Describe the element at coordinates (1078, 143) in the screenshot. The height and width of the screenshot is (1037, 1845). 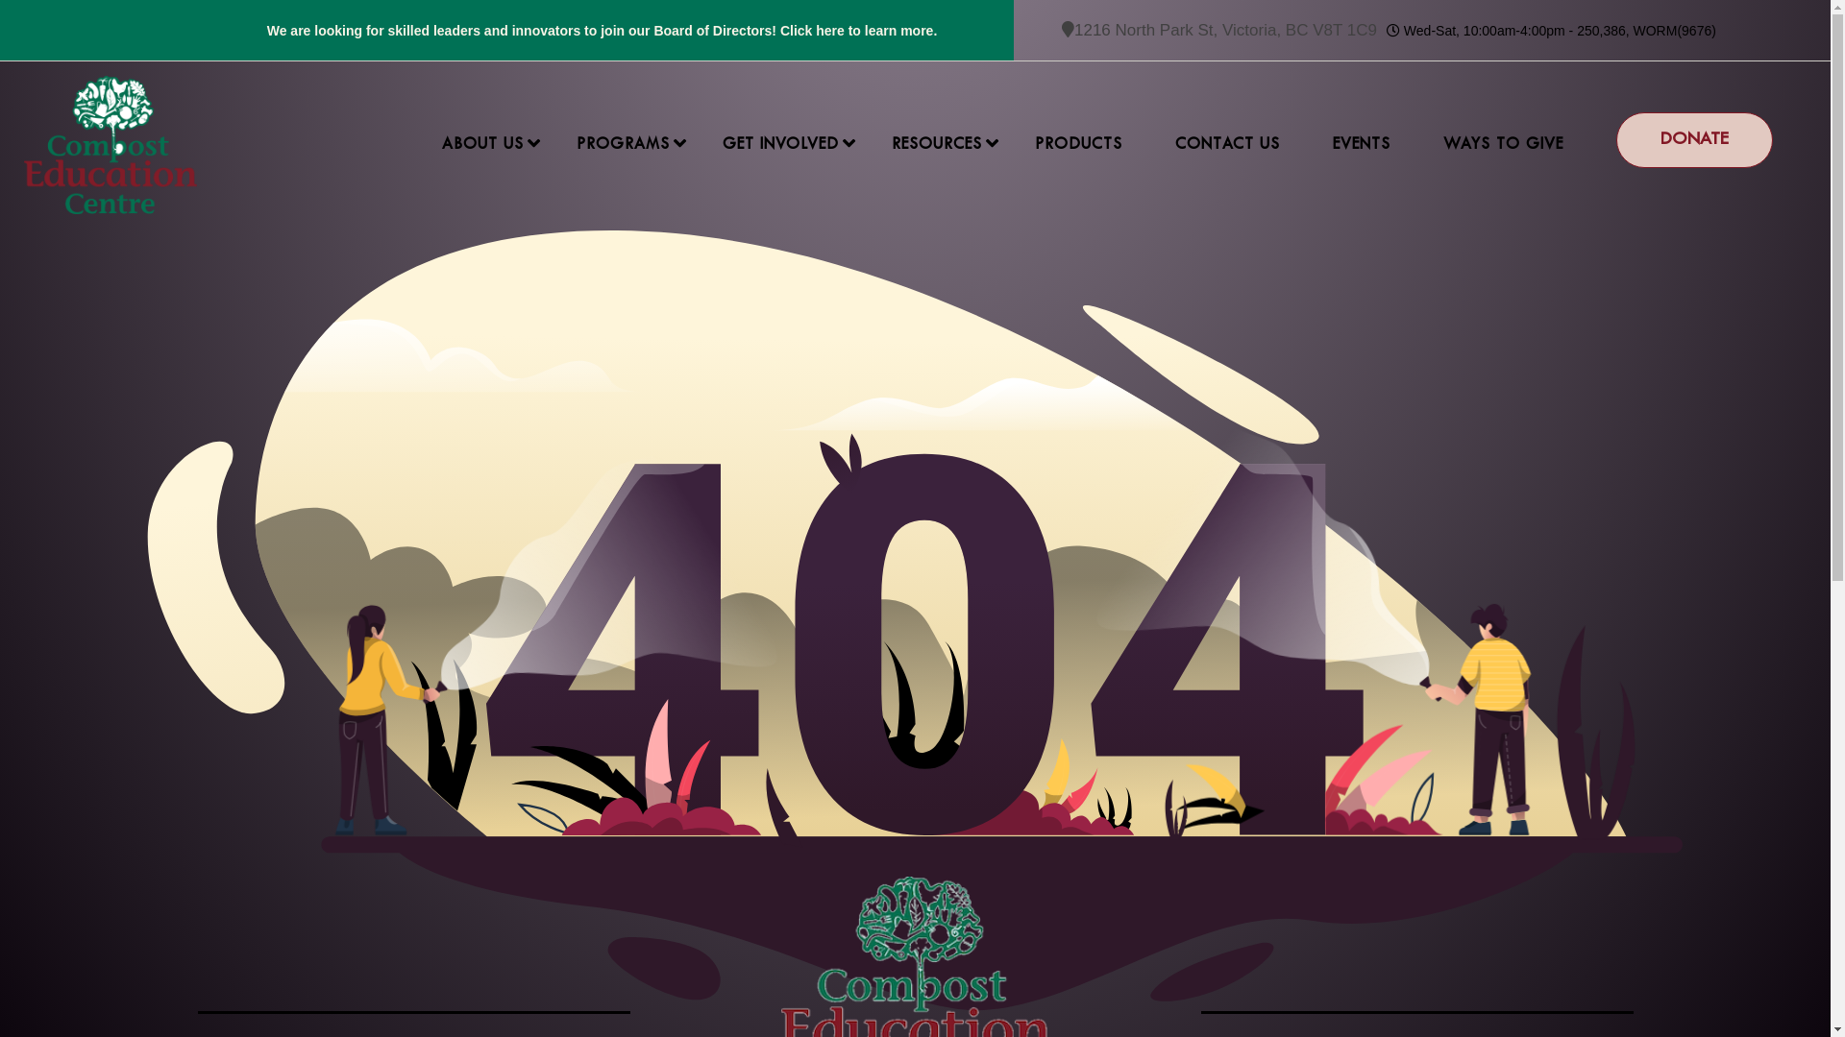
I see `'PRODUCTS'` at that location.